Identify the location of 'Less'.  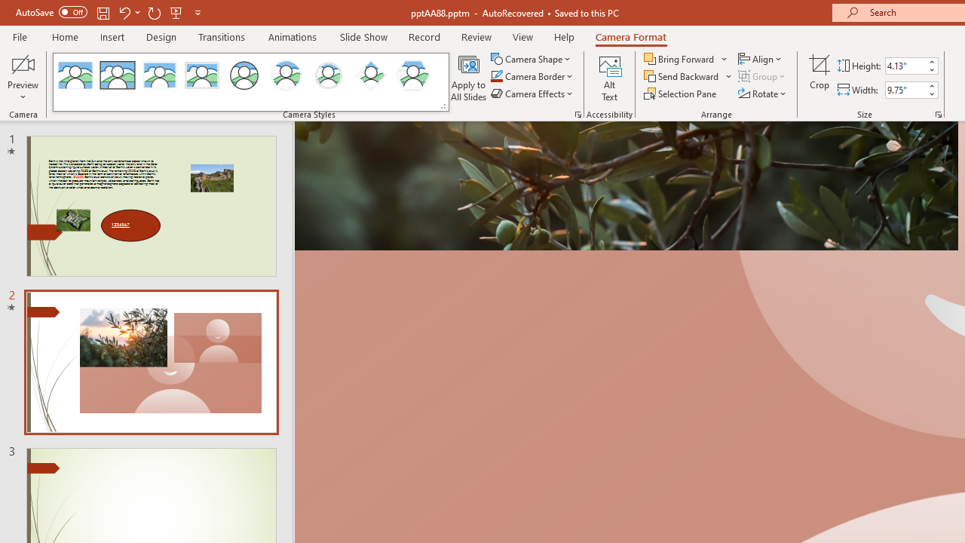
(930, 94).